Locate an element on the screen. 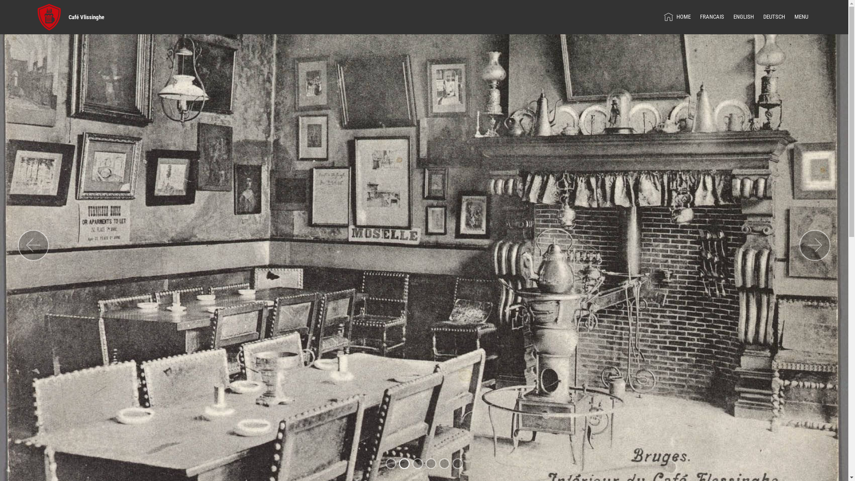 The width and height of the screenshot is (855, 481). 'FRANCAIS' is located at coordinates (711, 17).